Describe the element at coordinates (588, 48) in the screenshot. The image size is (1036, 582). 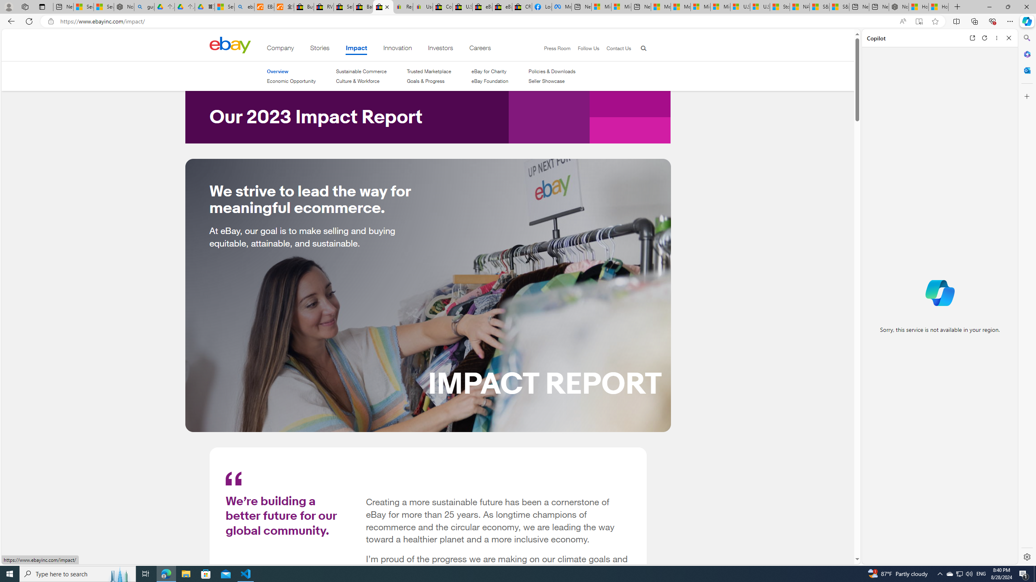
I see `'Follow Us'` at that location.